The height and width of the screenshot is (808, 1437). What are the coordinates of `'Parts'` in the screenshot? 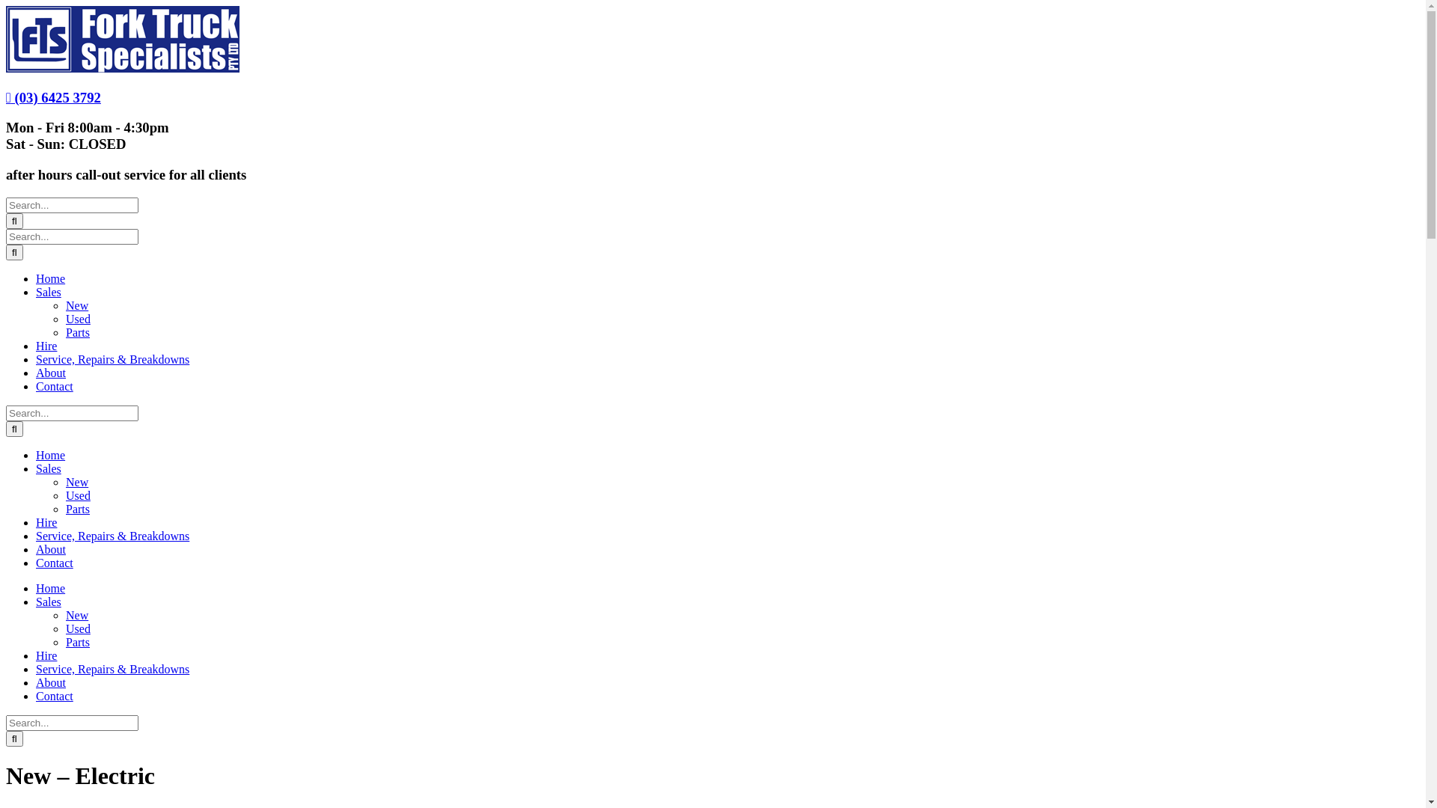 It's located at (77, 508).